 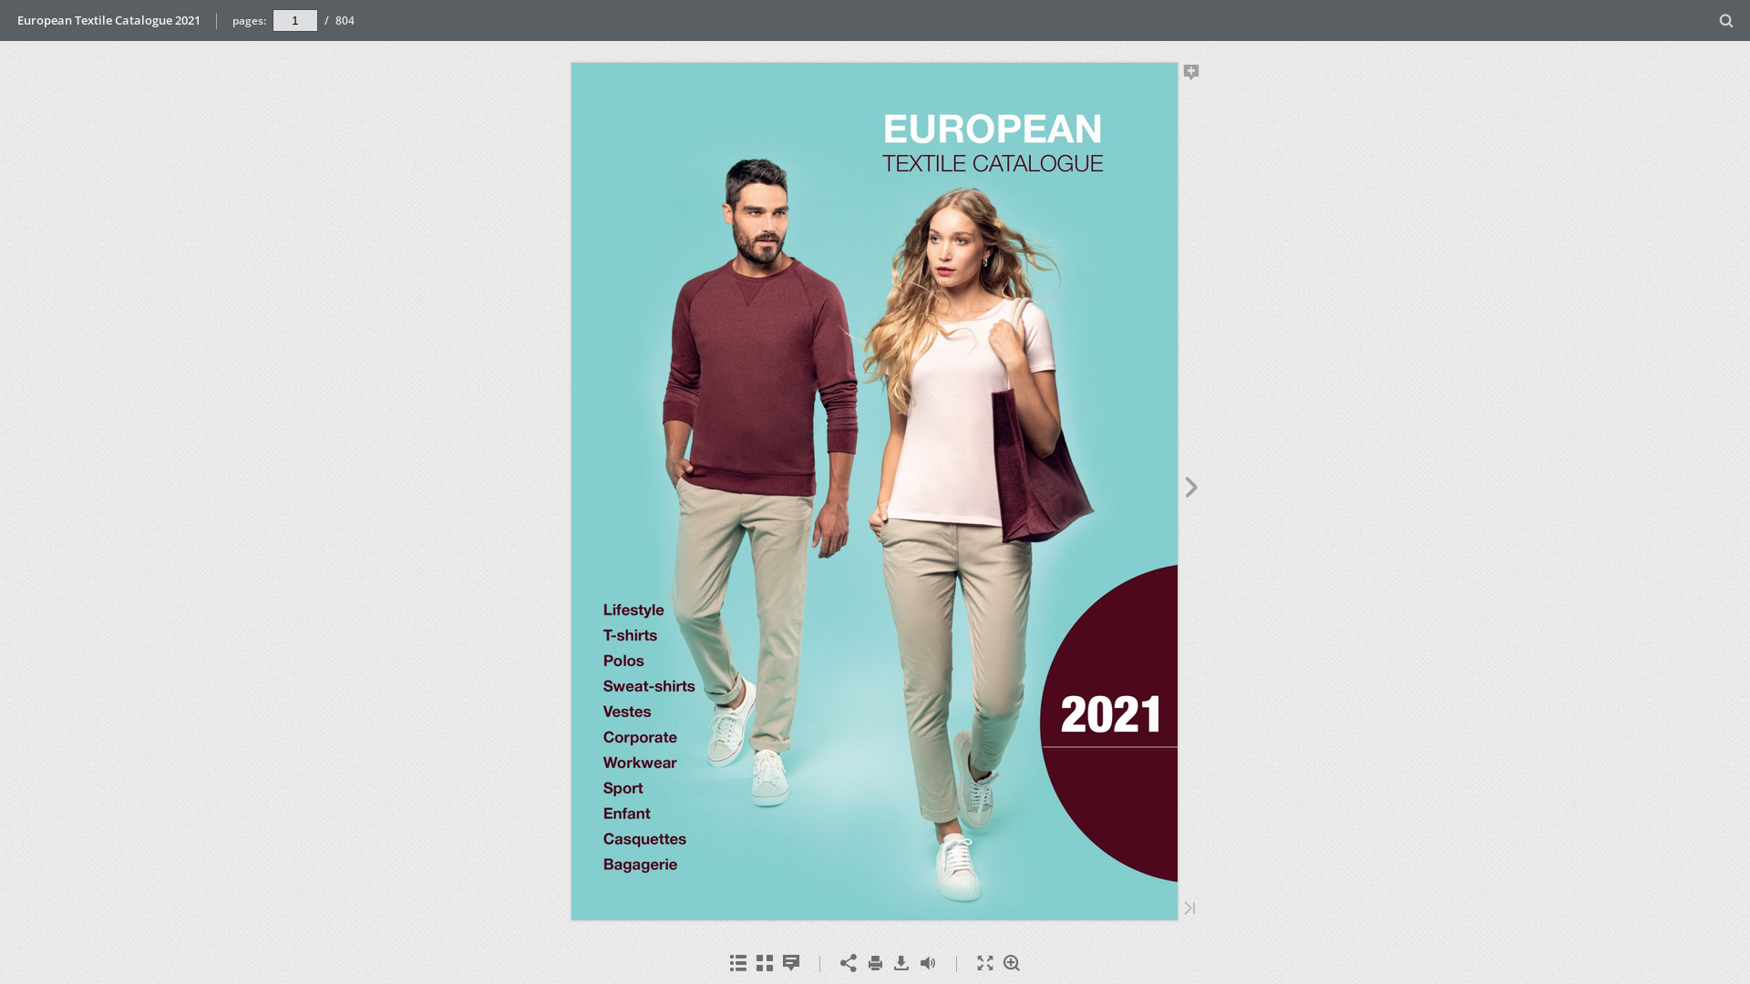 I want to click on 'Print', so click(x=875, y=962).